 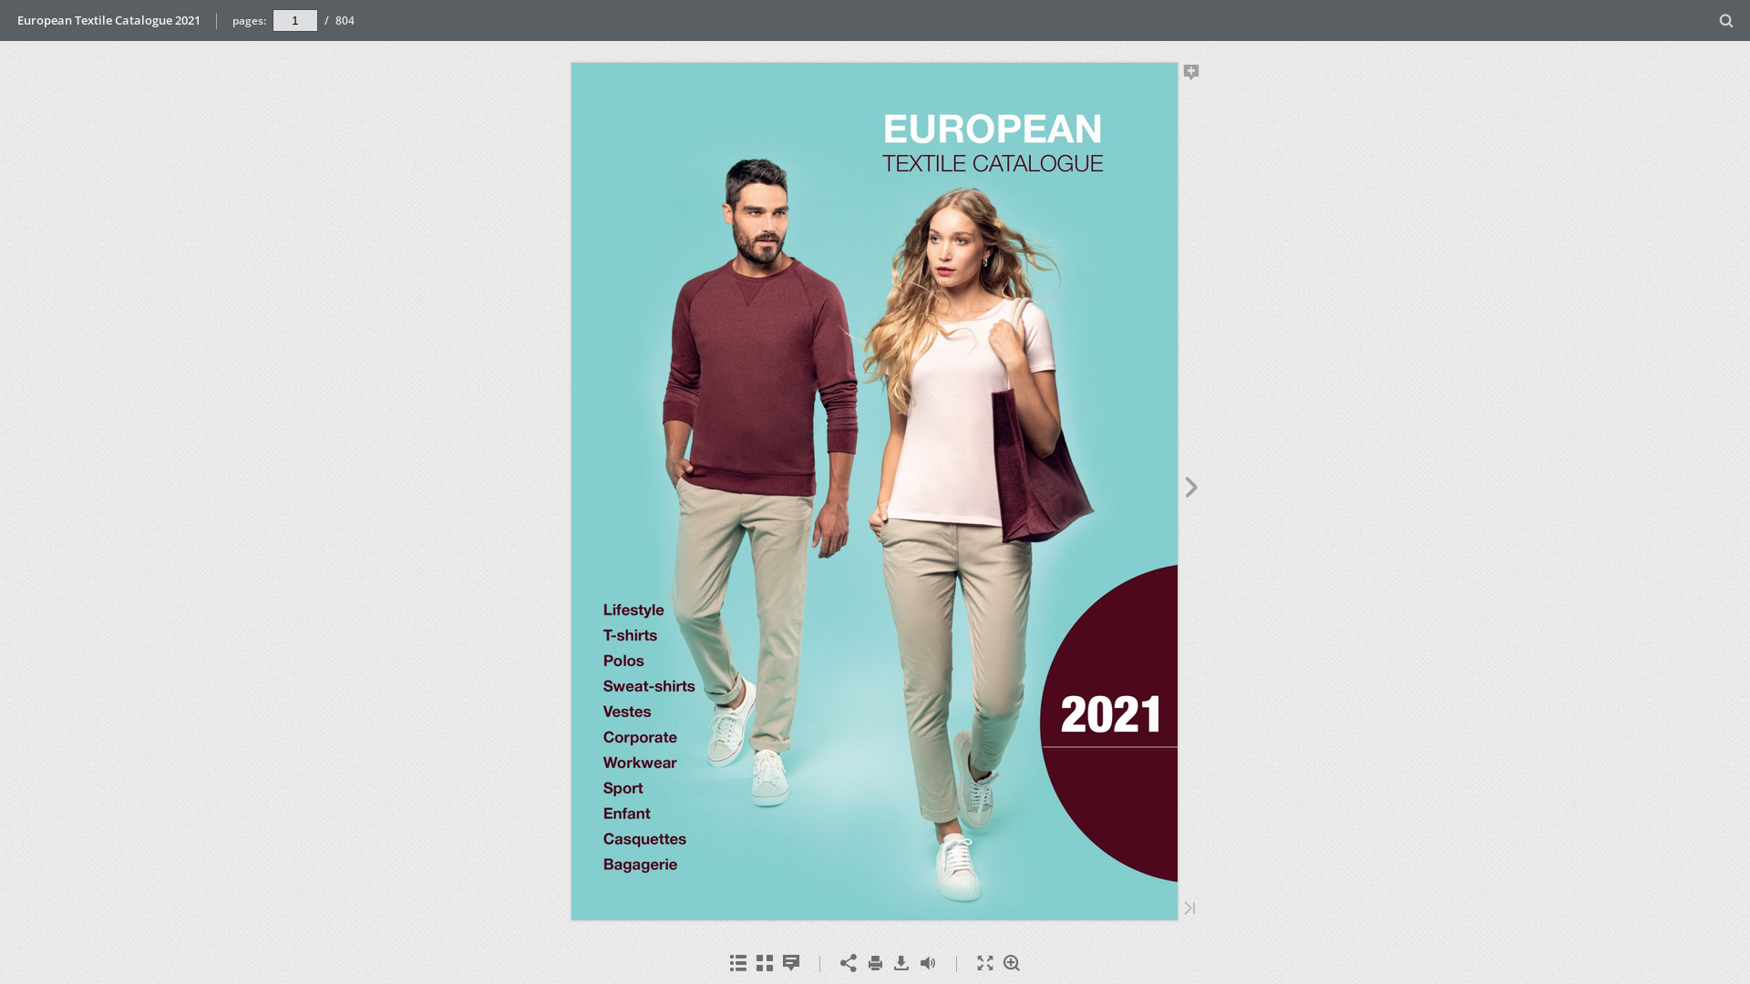 I want to click on 'Print', so click(x=875, y=962).